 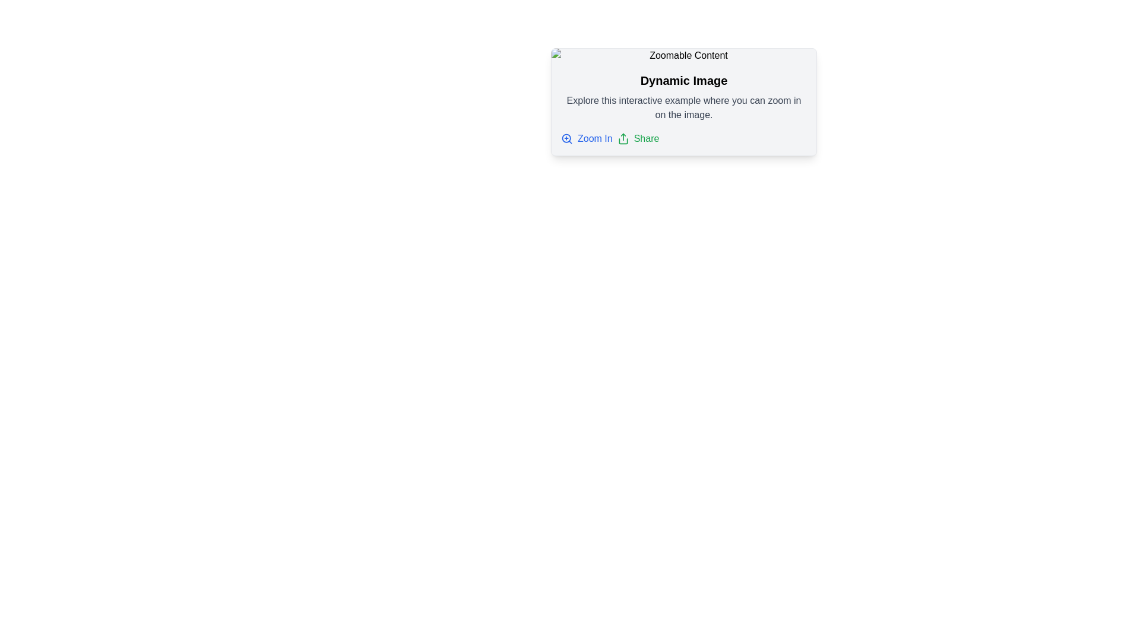 I want to click on the share icon located to the left of the 'Share' text label in the button group at the bottom of the 'Zoomable Content' card, so click(x=622, y=138).